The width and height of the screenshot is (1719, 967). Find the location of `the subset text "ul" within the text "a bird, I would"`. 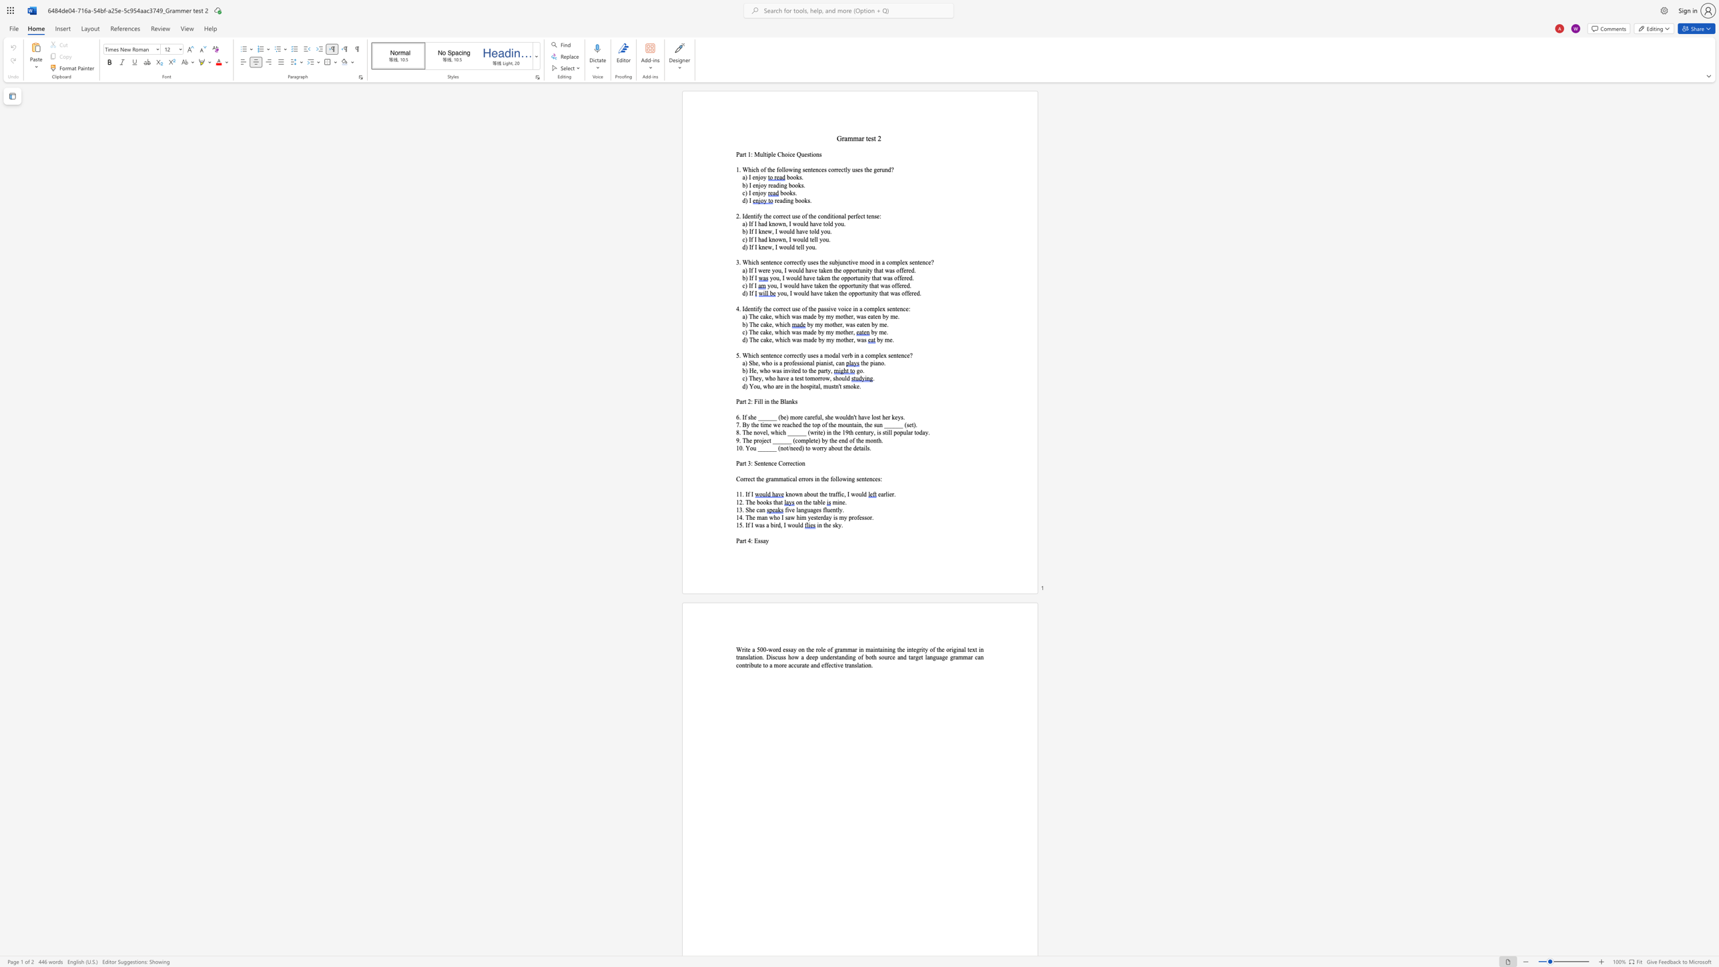

the subset text "ul" within the text "a bird, I would" is located at coordinates (795, 525).